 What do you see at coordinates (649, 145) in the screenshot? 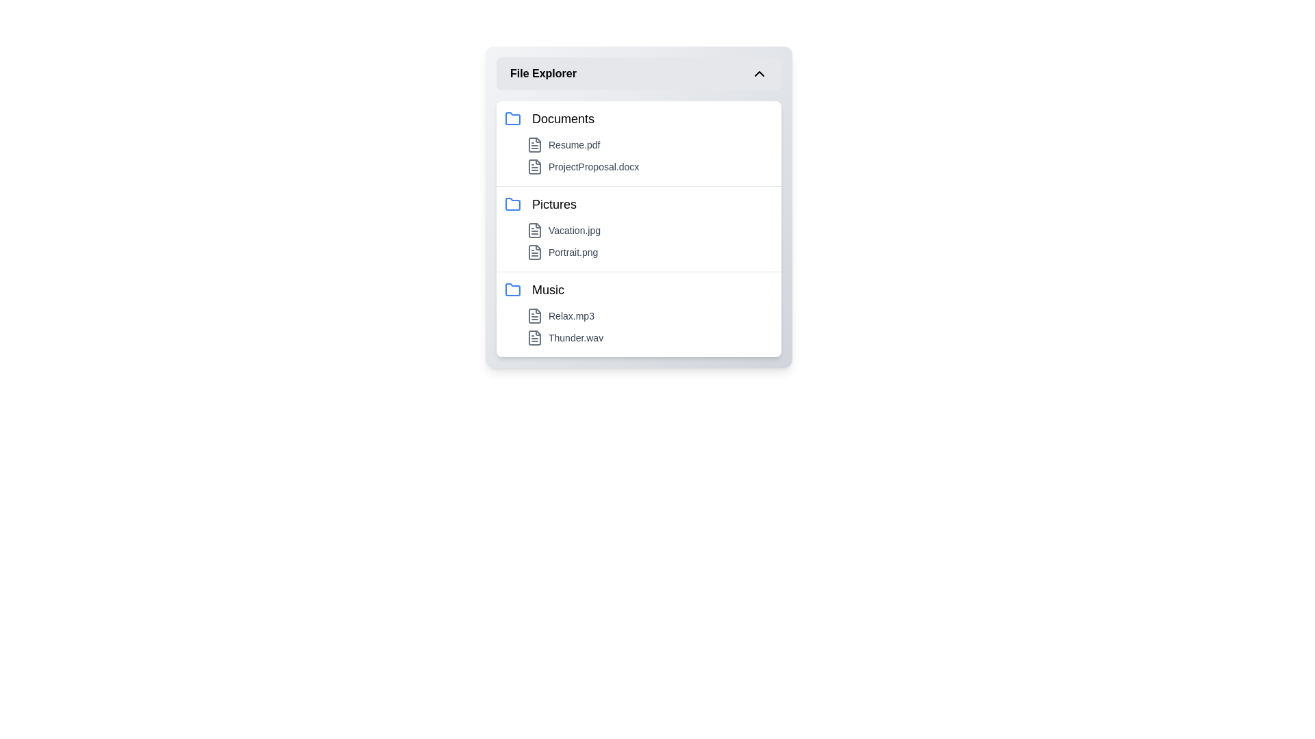
I see `the file named Resume.pdf to select it` at bounding box center [649, 145].